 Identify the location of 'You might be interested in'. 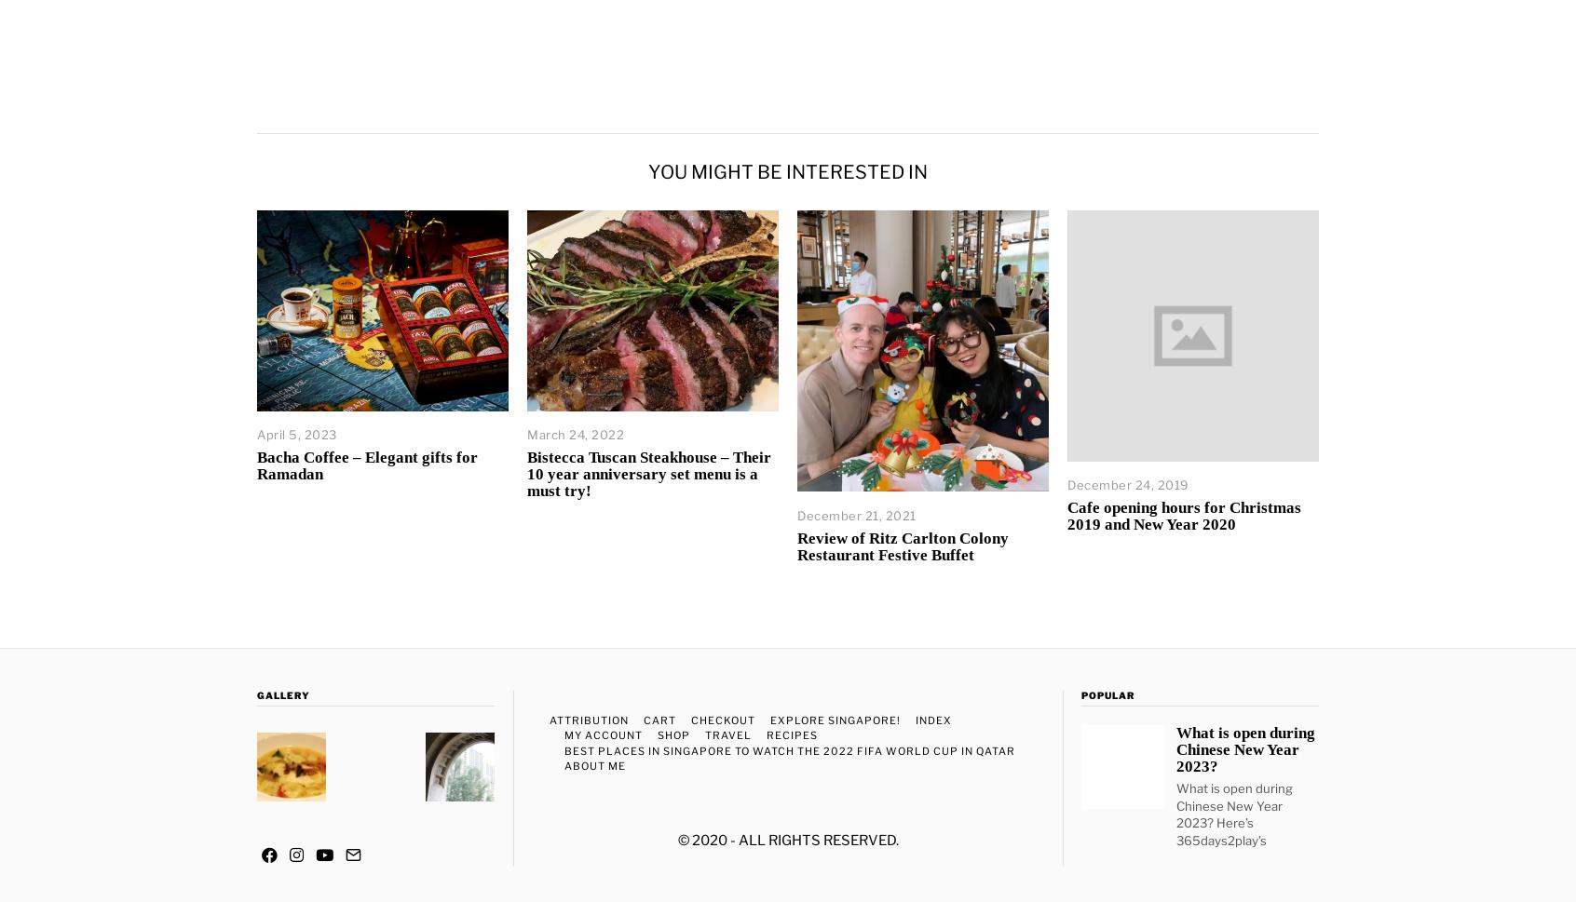
(788, 171).